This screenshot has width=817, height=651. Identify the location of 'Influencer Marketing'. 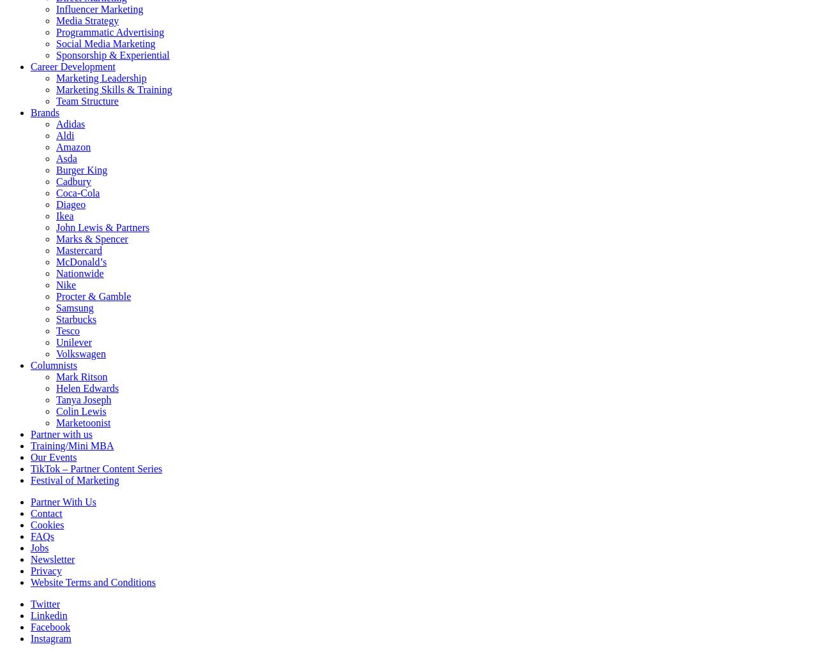
(99, 8).